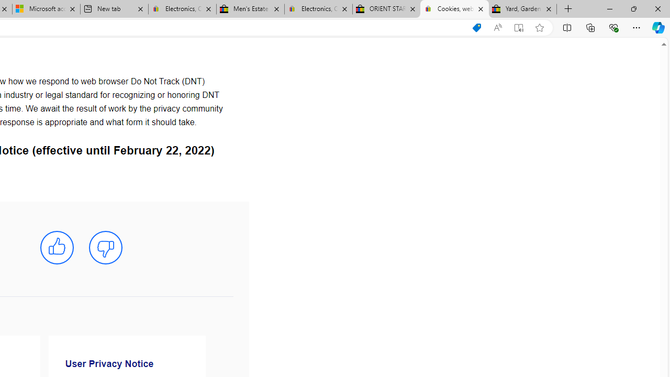  I want to click on 'Microsoft account | Account Checkup', so click(46, 9).